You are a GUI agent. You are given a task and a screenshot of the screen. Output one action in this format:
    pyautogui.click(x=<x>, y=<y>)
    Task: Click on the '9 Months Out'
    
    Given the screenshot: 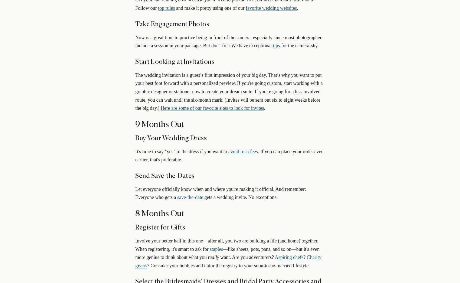 What is the action you would take?
    pyautogui.click(x=159, y=124)
    